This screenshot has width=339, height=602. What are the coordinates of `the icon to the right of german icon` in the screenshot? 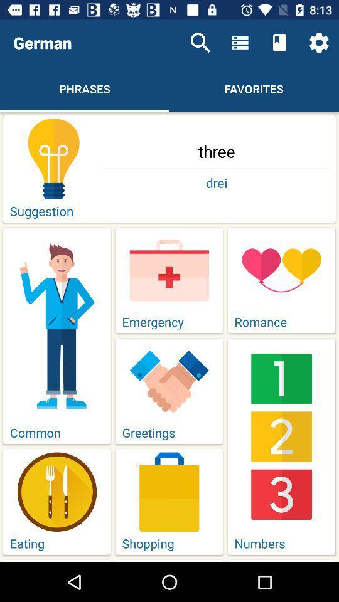 It's located at (200, 43).